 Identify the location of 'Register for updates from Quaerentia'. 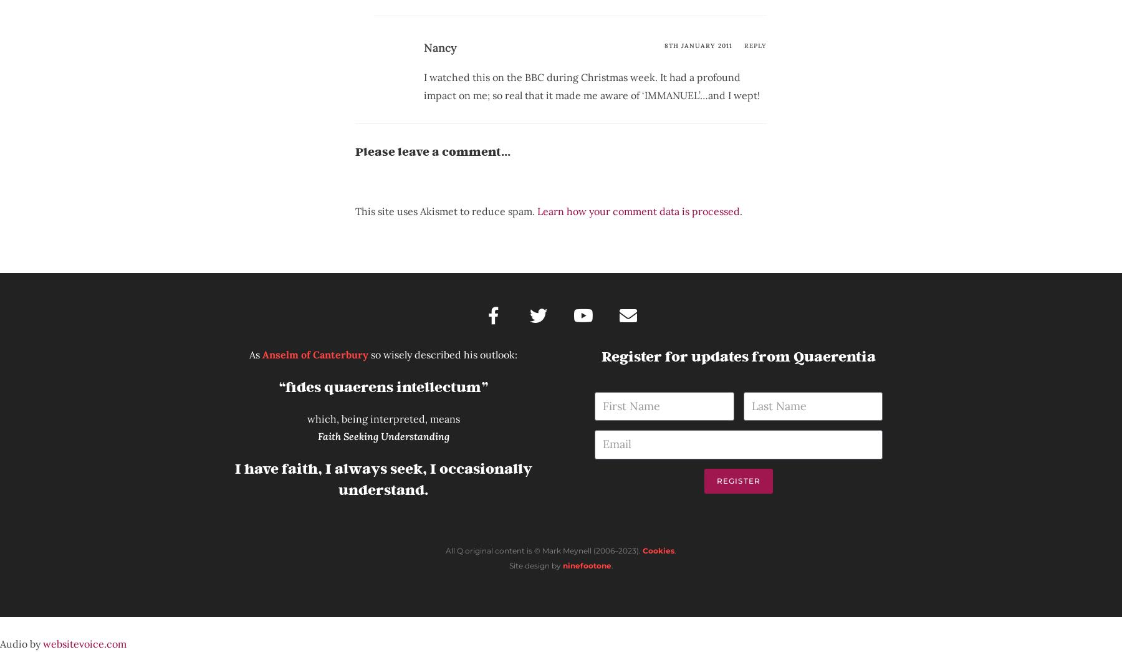
(600, 355).